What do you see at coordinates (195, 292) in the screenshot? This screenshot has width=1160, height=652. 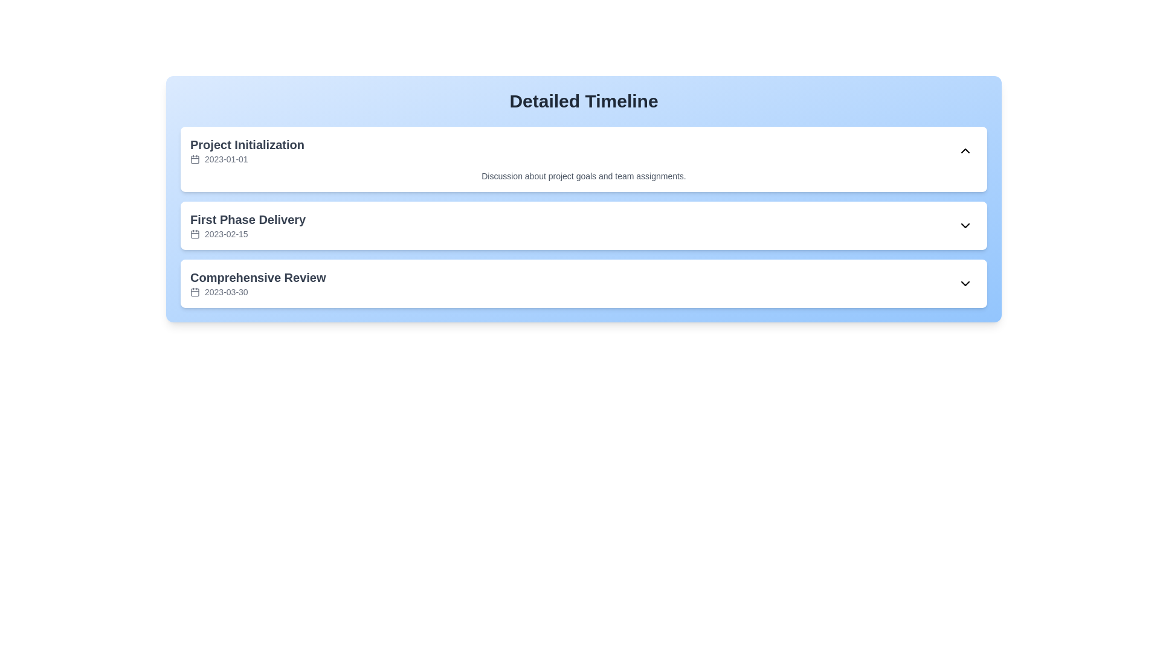 I see `the small calendar icon located at the left side of the row labeled 'Comprehensive Review 2023-03-30', which is styled with a minimalistic outline design` at bounding box center [195, 292].